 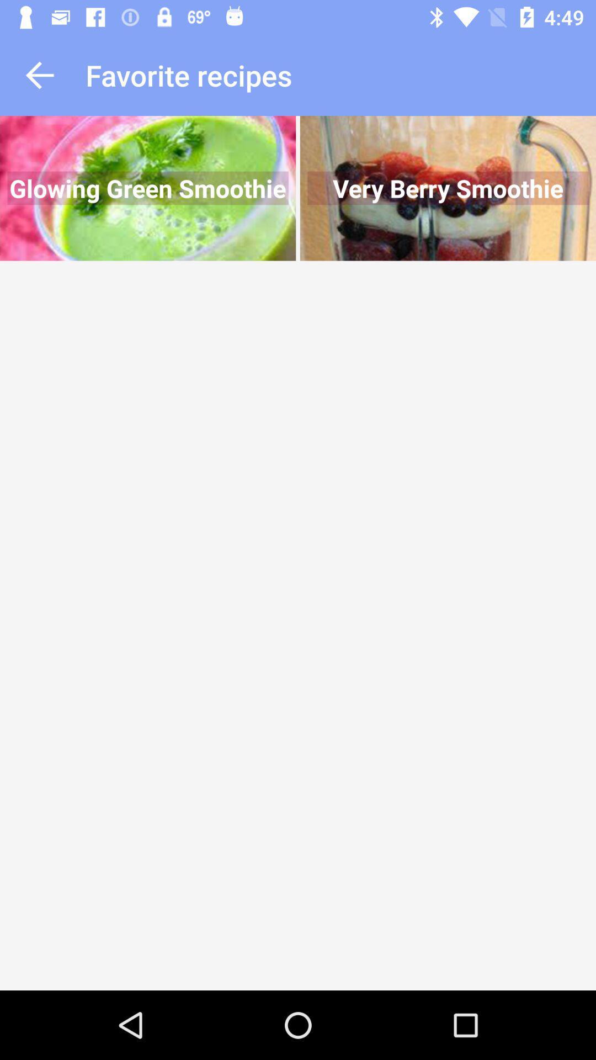 I want to click on item to the left of favorite recipes item, so click(x=39, y=75).